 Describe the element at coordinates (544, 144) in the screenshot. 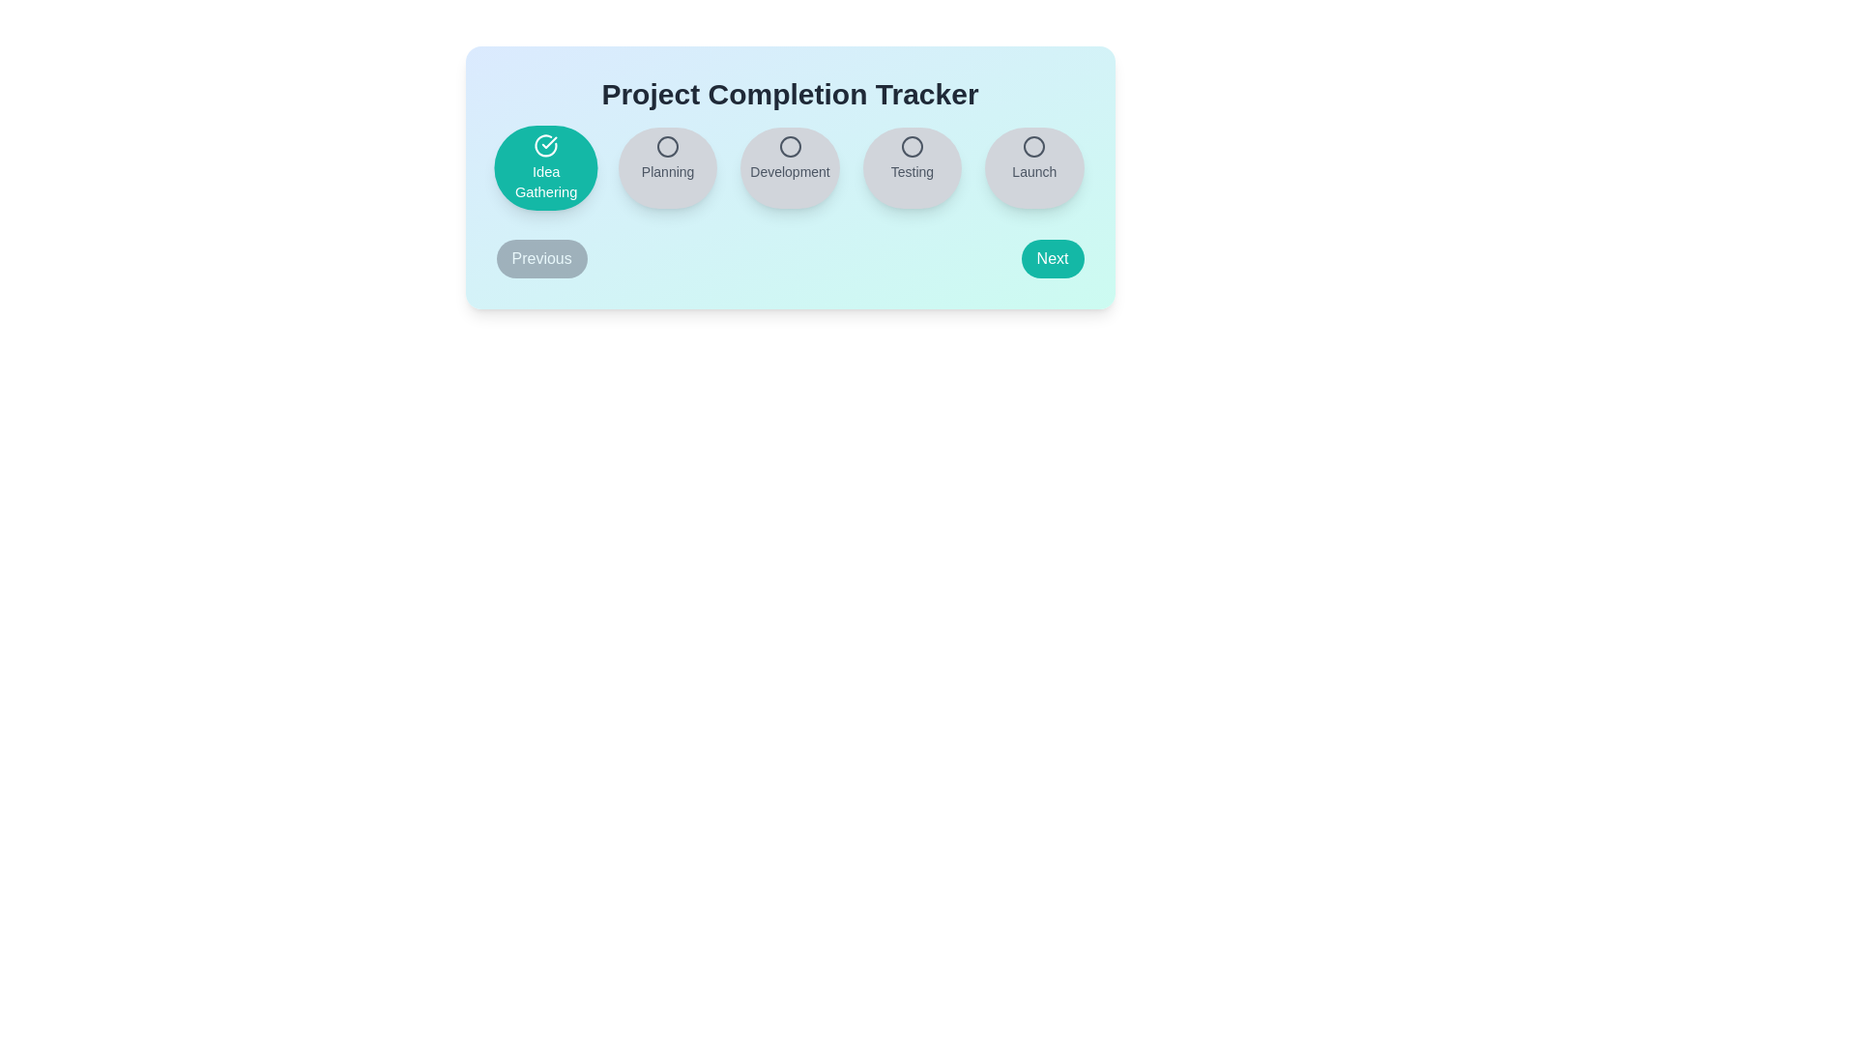

I see `the circular icon with a checkmark symbol, which is located above the text 'Idea Gathering' in the teal-colored circular background within the stepper layout` at that location.